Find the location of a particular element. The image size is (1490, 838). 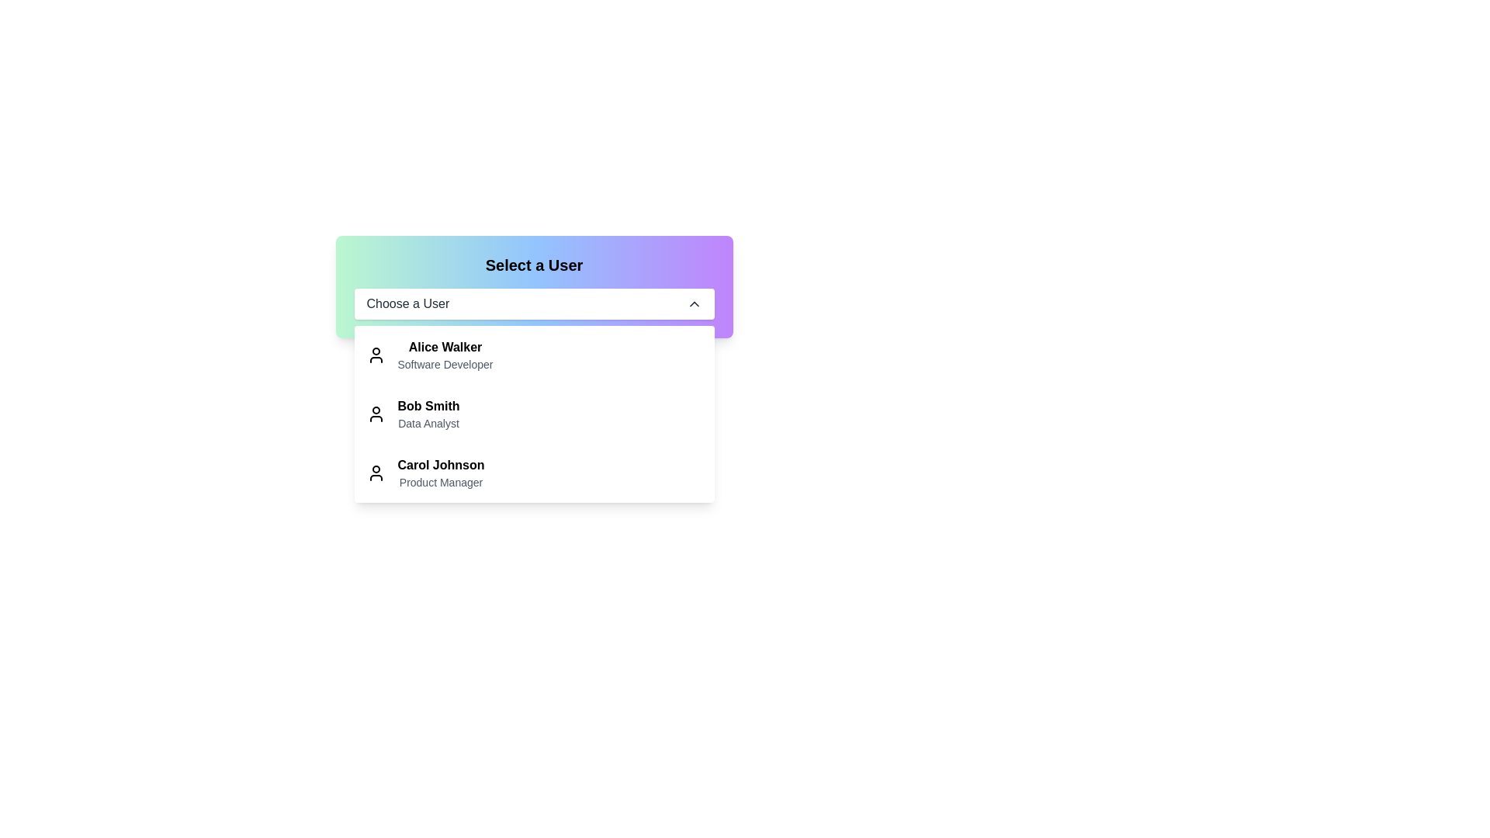

the user profile icon, which is a simplistic user figure outline, located to the left of the text 'Carol Johnson' in the dropdown under 'Select a User' is located at coordinates (376, 472).